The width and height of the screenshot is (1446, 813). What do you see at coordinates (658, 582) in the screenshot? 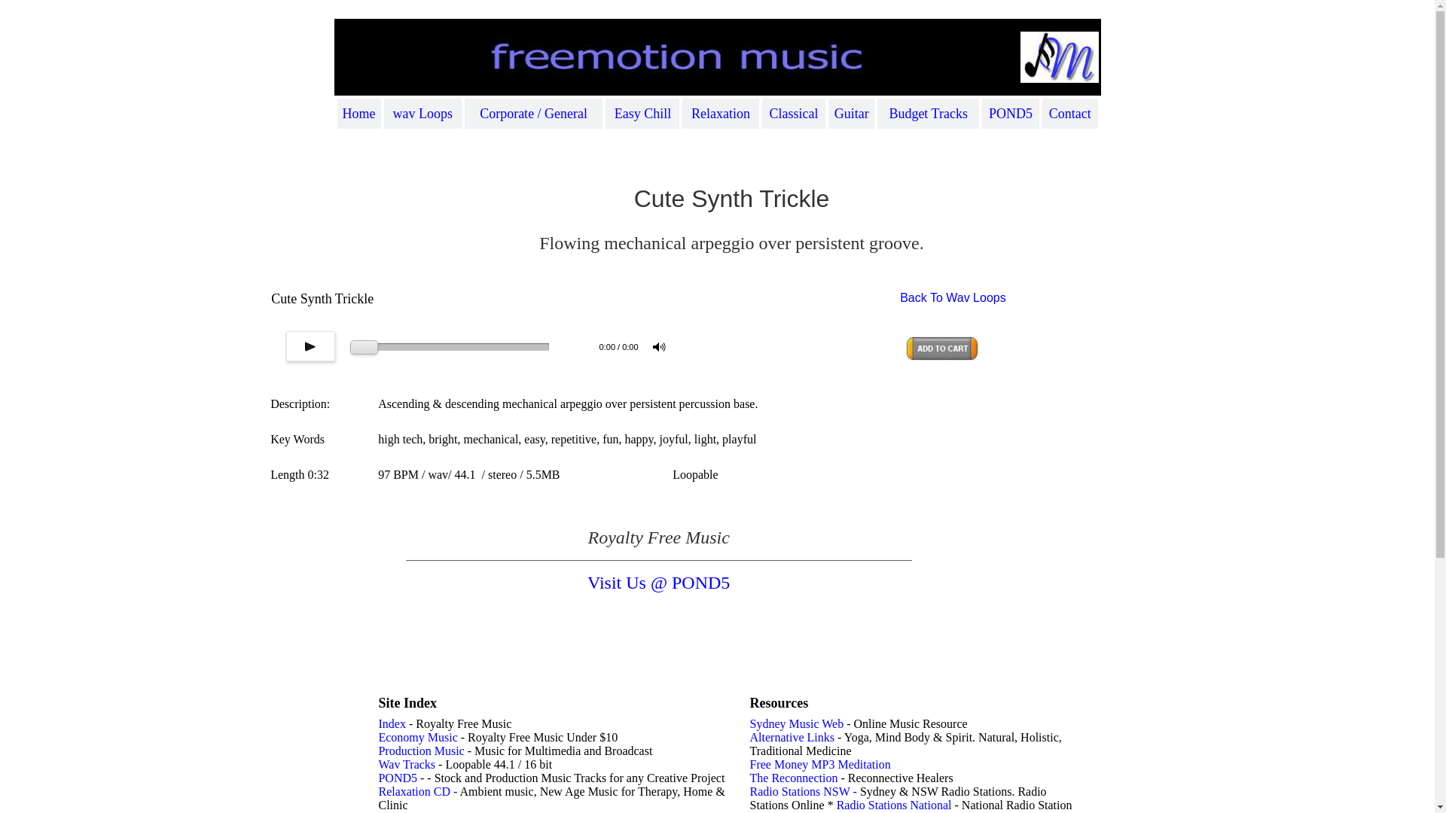
I see `'Visit Us @ POND5'` at bounding box center [658, 582].